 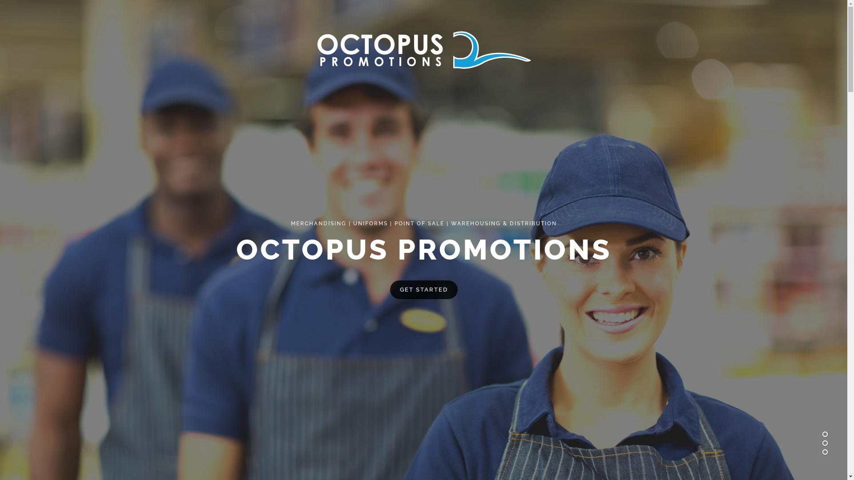 I want to click on 'GET STARTED', so click(x=423, y=289).